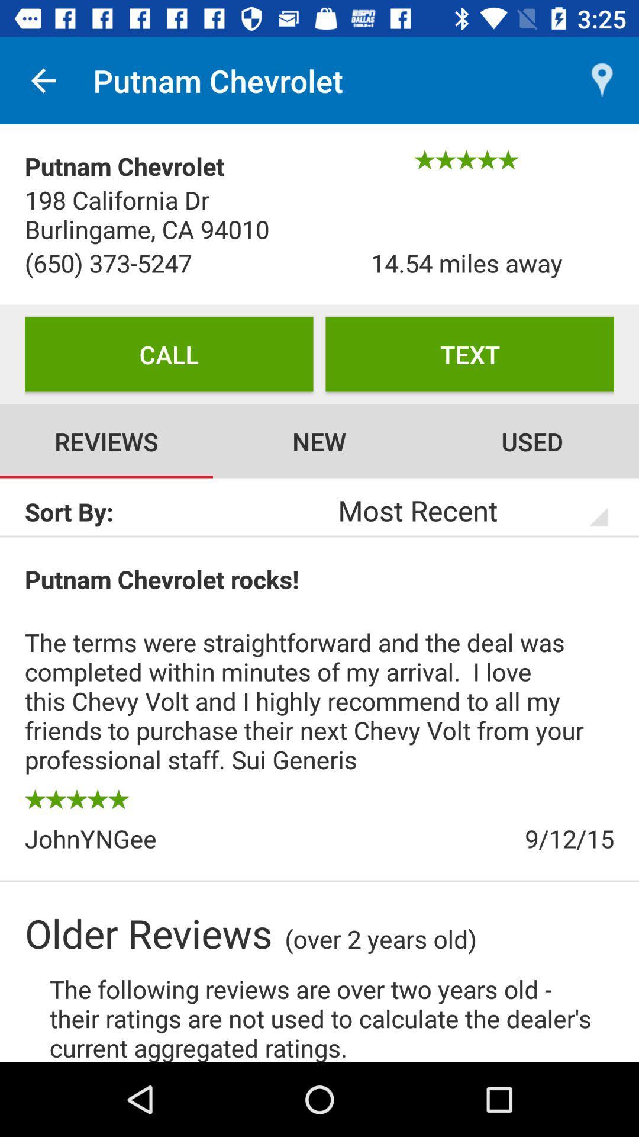 The height and width of the screenshot is (1137, 639). What do you see at coordinates (172, 512) in the screenshot?
I see `item next to most recent item` at bounding box center [172, 512].